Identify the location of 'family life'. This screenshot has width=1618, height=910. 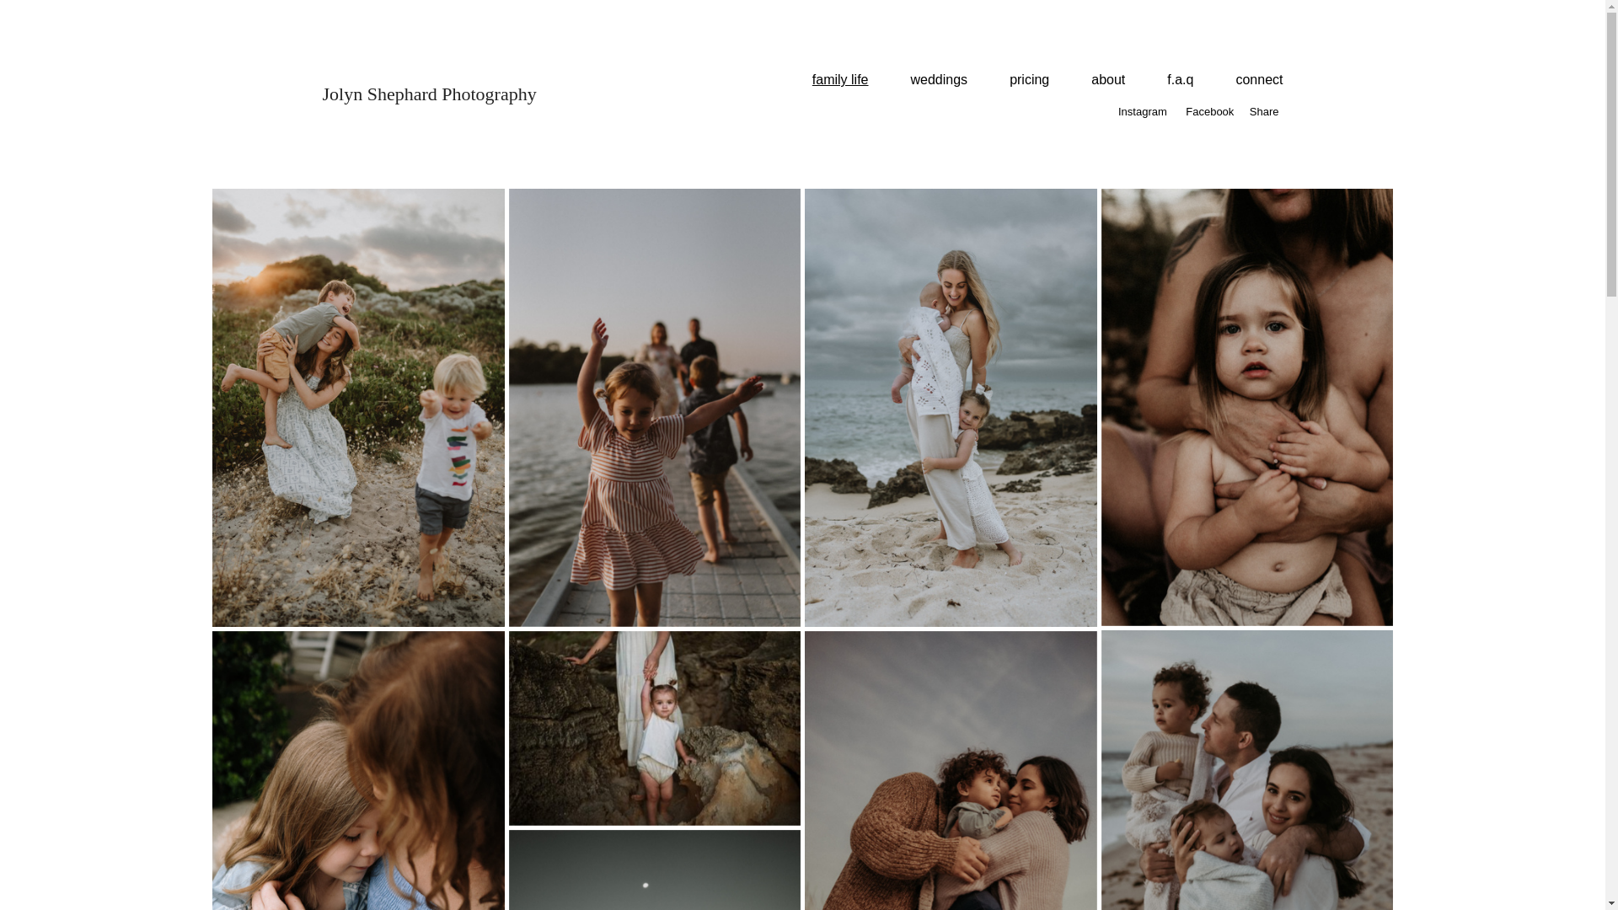
(812, 79).